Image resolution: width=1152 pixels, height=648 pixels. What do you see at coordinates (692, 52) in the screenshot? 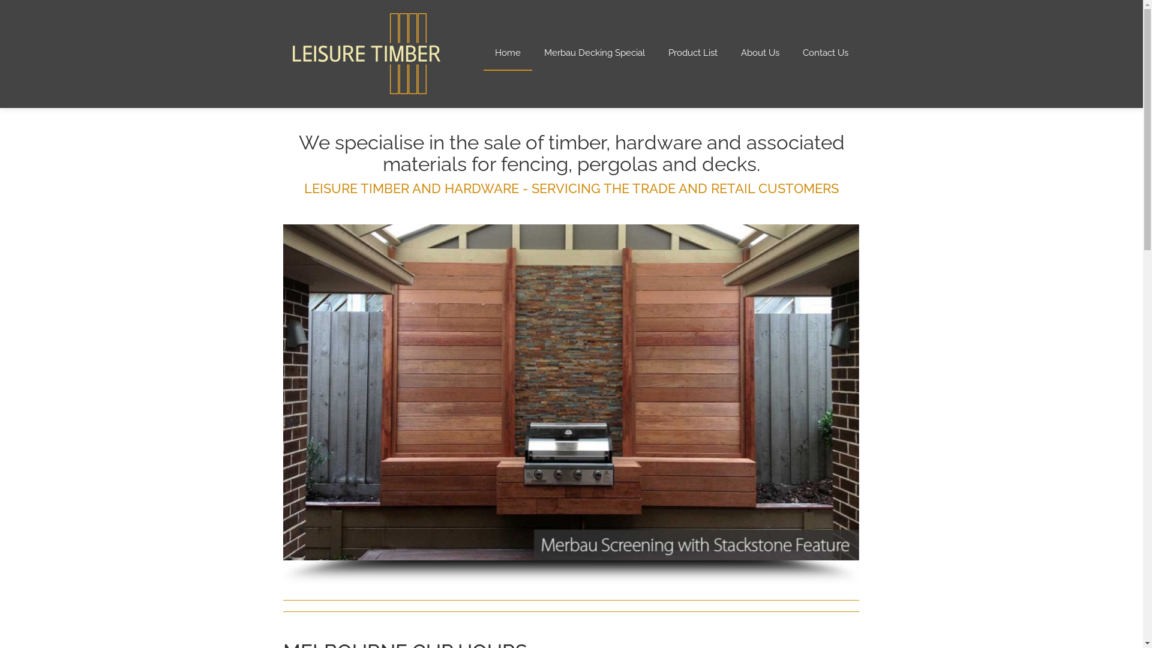
I see `'Product List'` at bounding box center [692, 52].